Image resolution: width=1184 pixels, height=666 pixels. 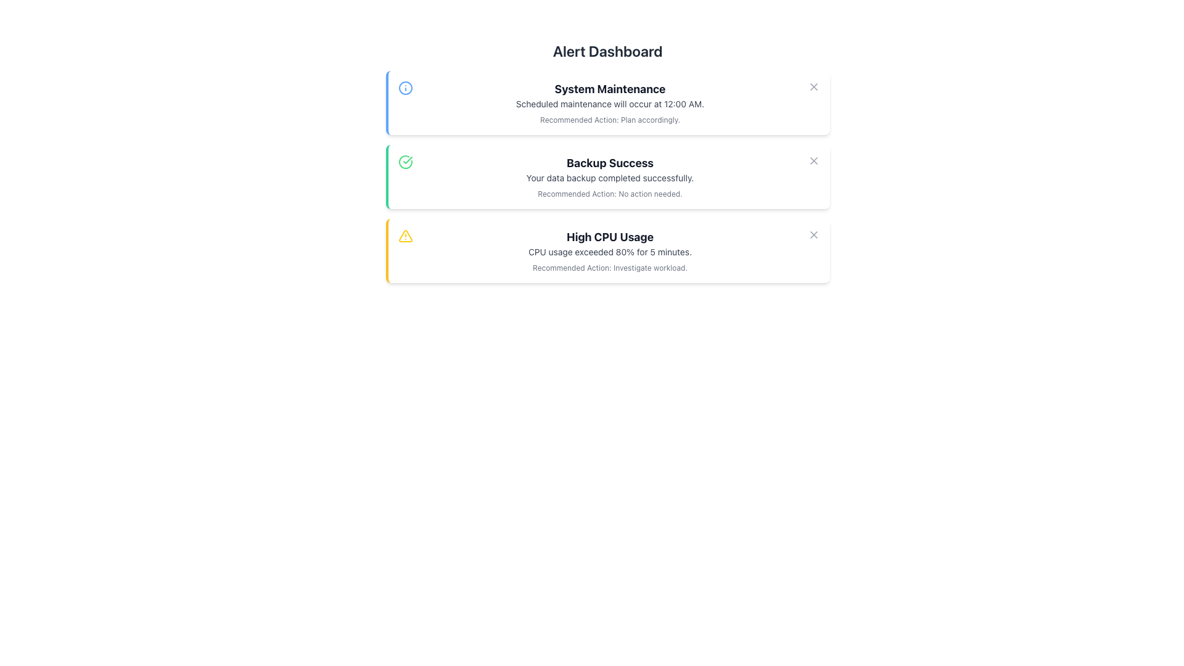 What do you see at coordinates (813, 86) in the screenshot?
I see `the dismiss button located at the top-right corner of the 'System Maintenance' notification card to change its appearance` at bounding box center [813, 86].